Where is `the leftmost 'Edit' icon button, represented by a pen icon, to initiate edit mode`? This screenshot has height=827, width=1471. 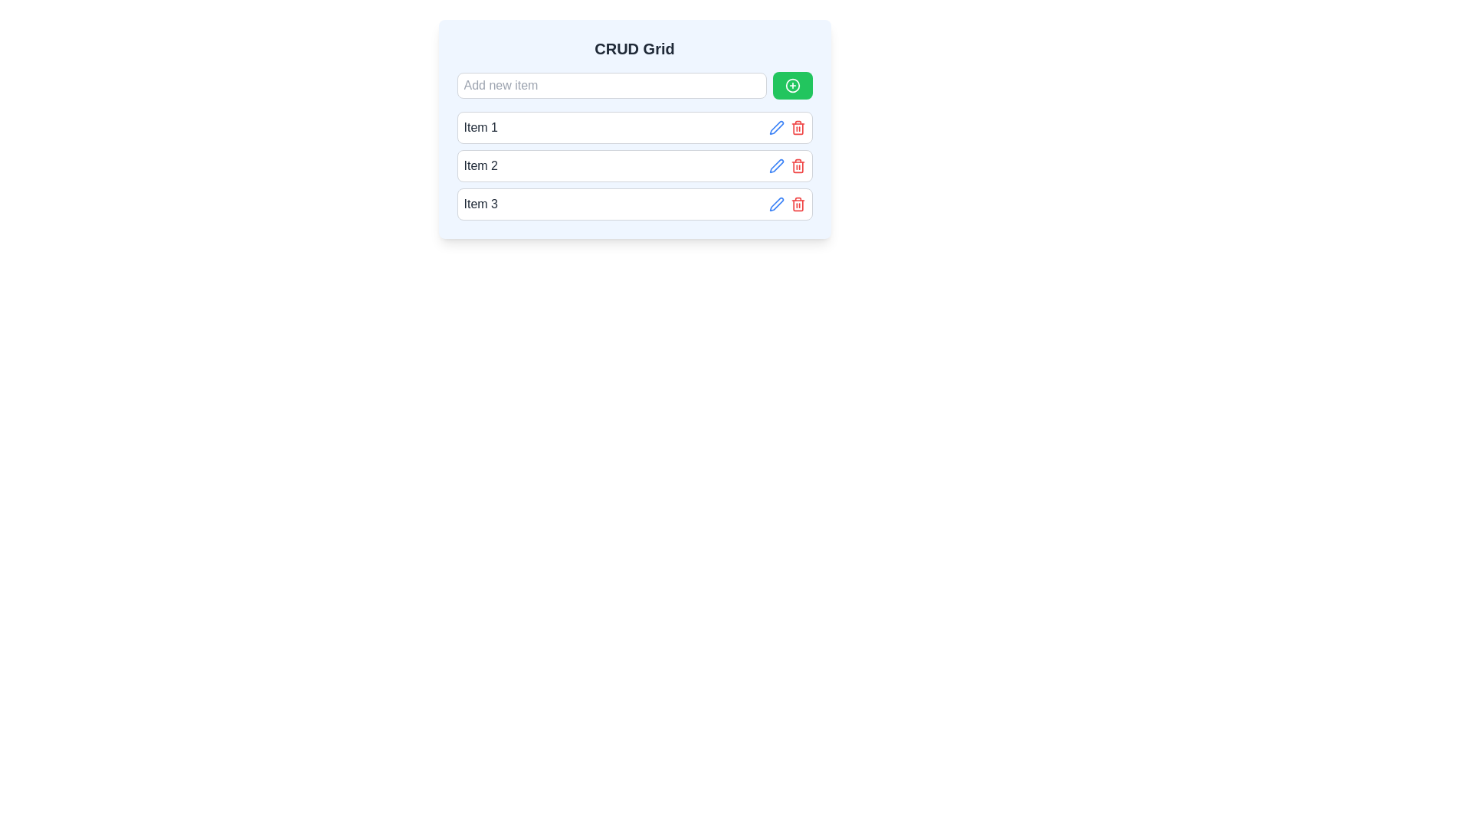 the leftmost 'Edit' icon button, represented by a pen icon, to initiate edit mode is located at coordinates (776, 126).